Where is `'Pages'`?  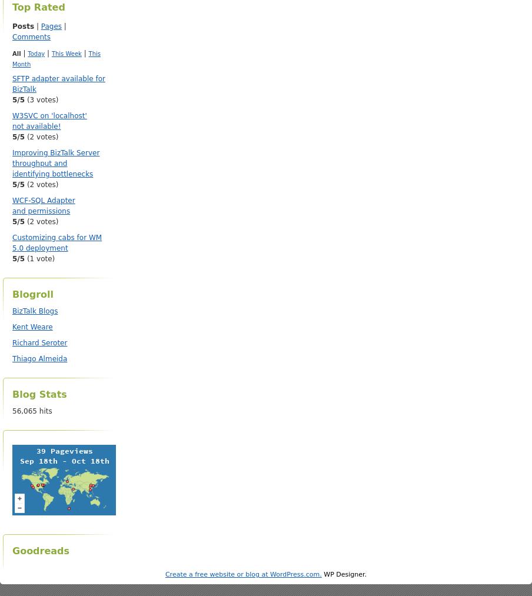
'Pages' is located at coordinates (51, 25).